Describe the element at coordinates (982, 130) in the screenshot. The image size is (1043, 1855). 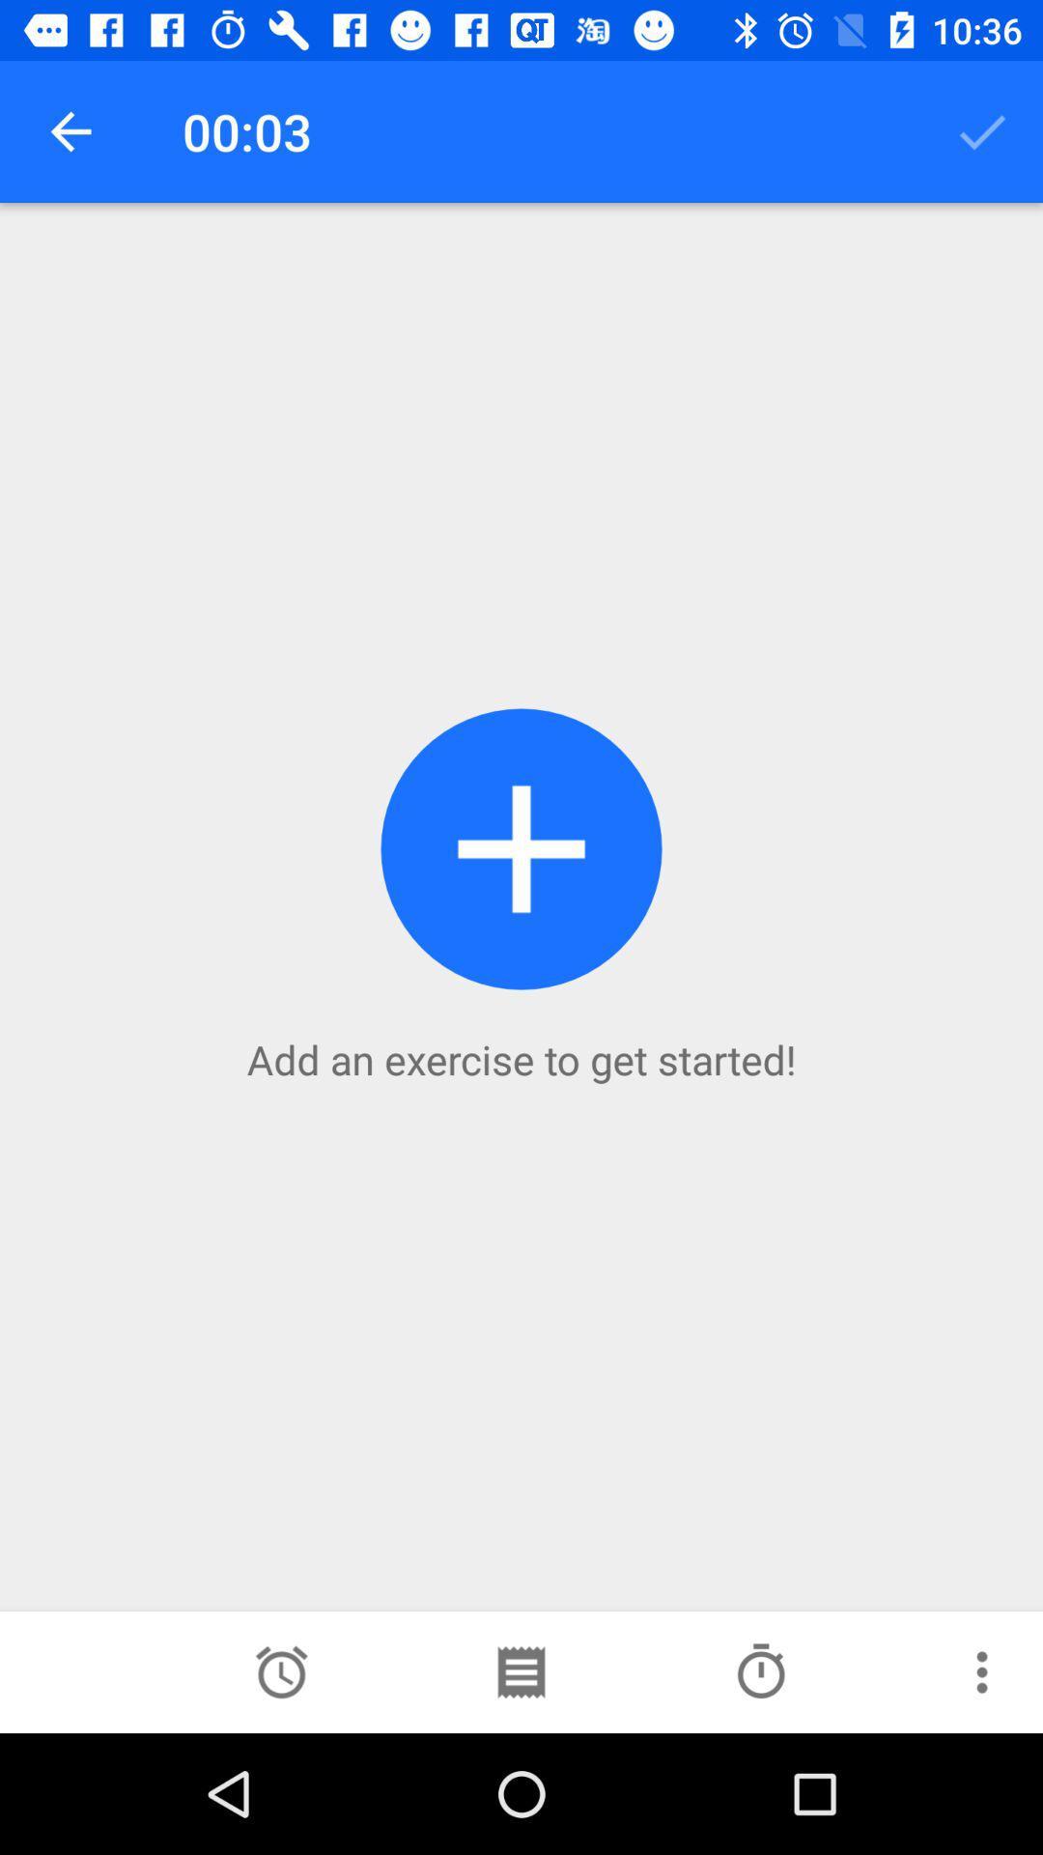
I see `the item at the top right corner` at that location.